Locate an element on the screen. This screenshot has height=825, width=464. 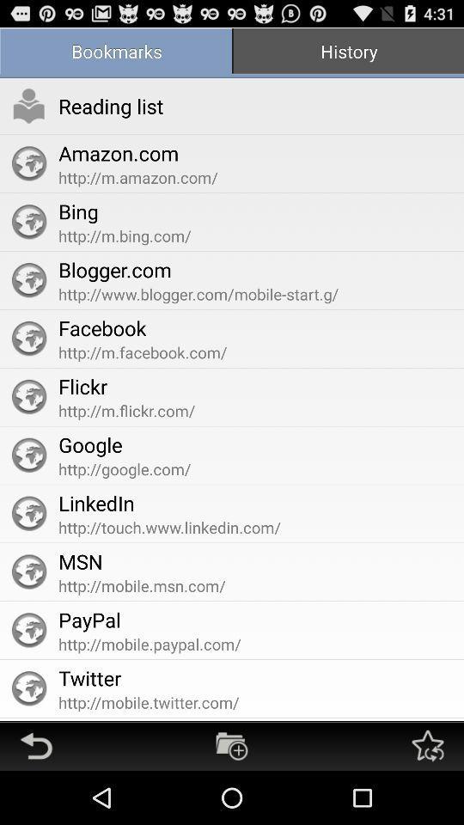
the item below bookmarks app is located at coordinates (28, 105).